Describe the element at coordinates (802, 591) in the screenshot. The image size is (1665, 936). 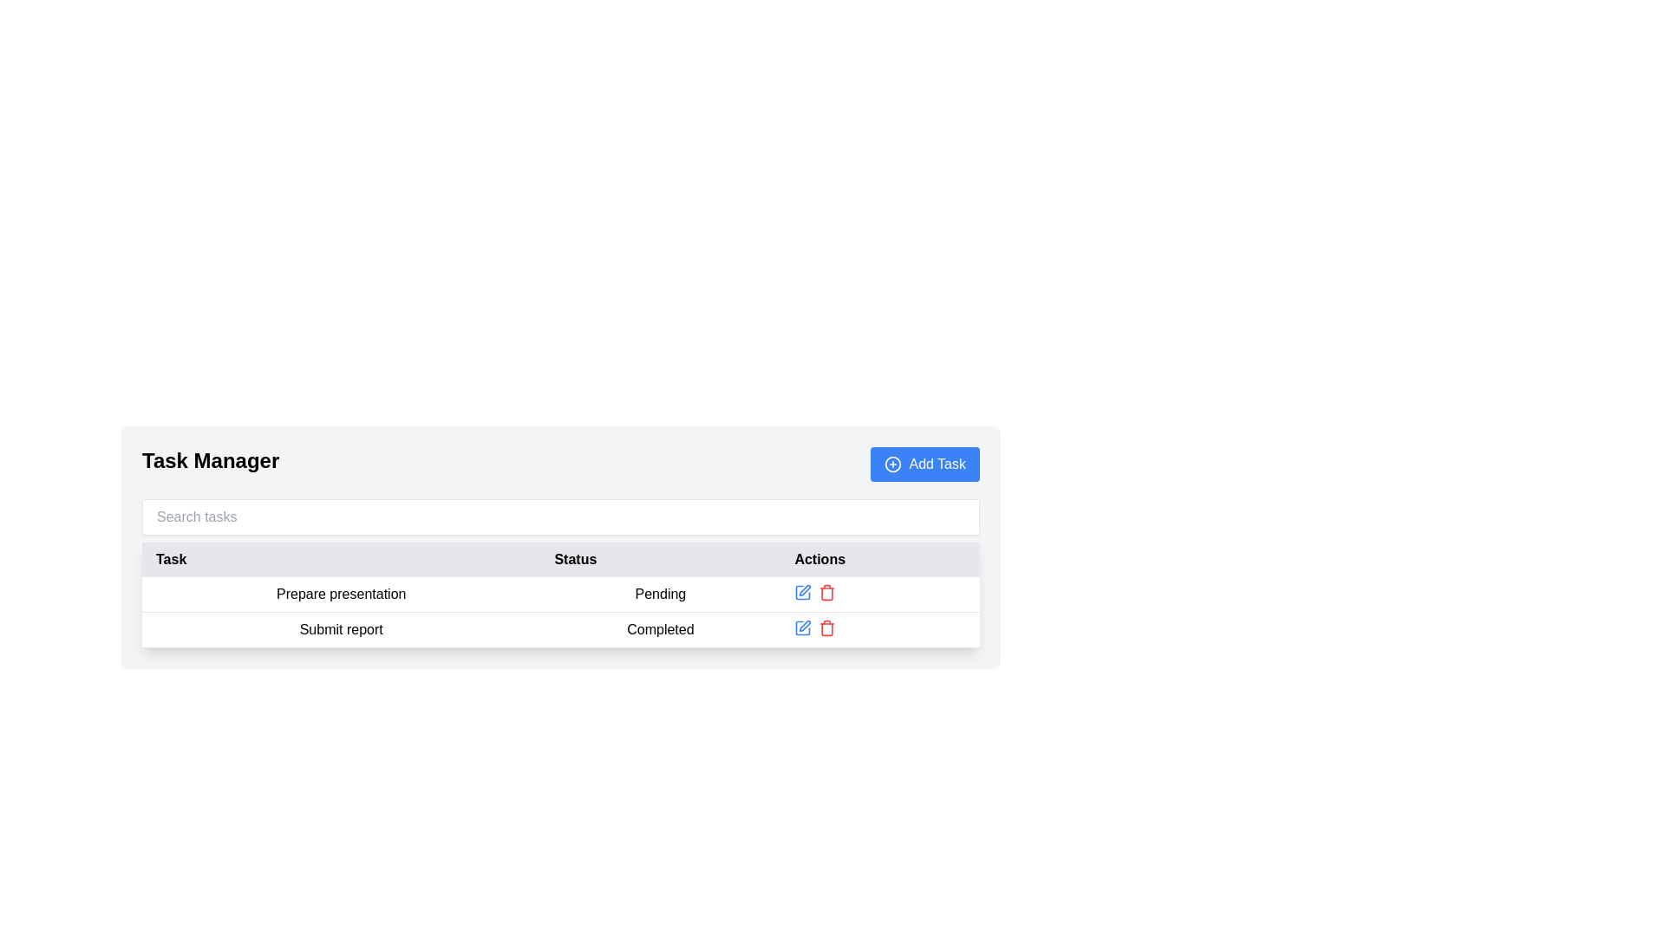
I see `the clickable icon located in the 'Actions' column of the 'Prepare presentation' row, positioned to the left of the red trash icon` at that location.